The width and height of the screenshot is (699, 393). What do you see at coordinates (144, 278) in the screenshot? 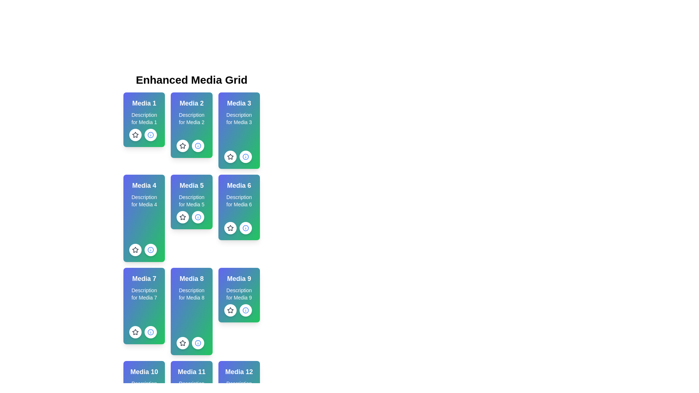
I see `text label located at the top of the card in the second row and first column of the grid layout, which serves as the title or heading for the associated content` at bounding box center [144, 278].